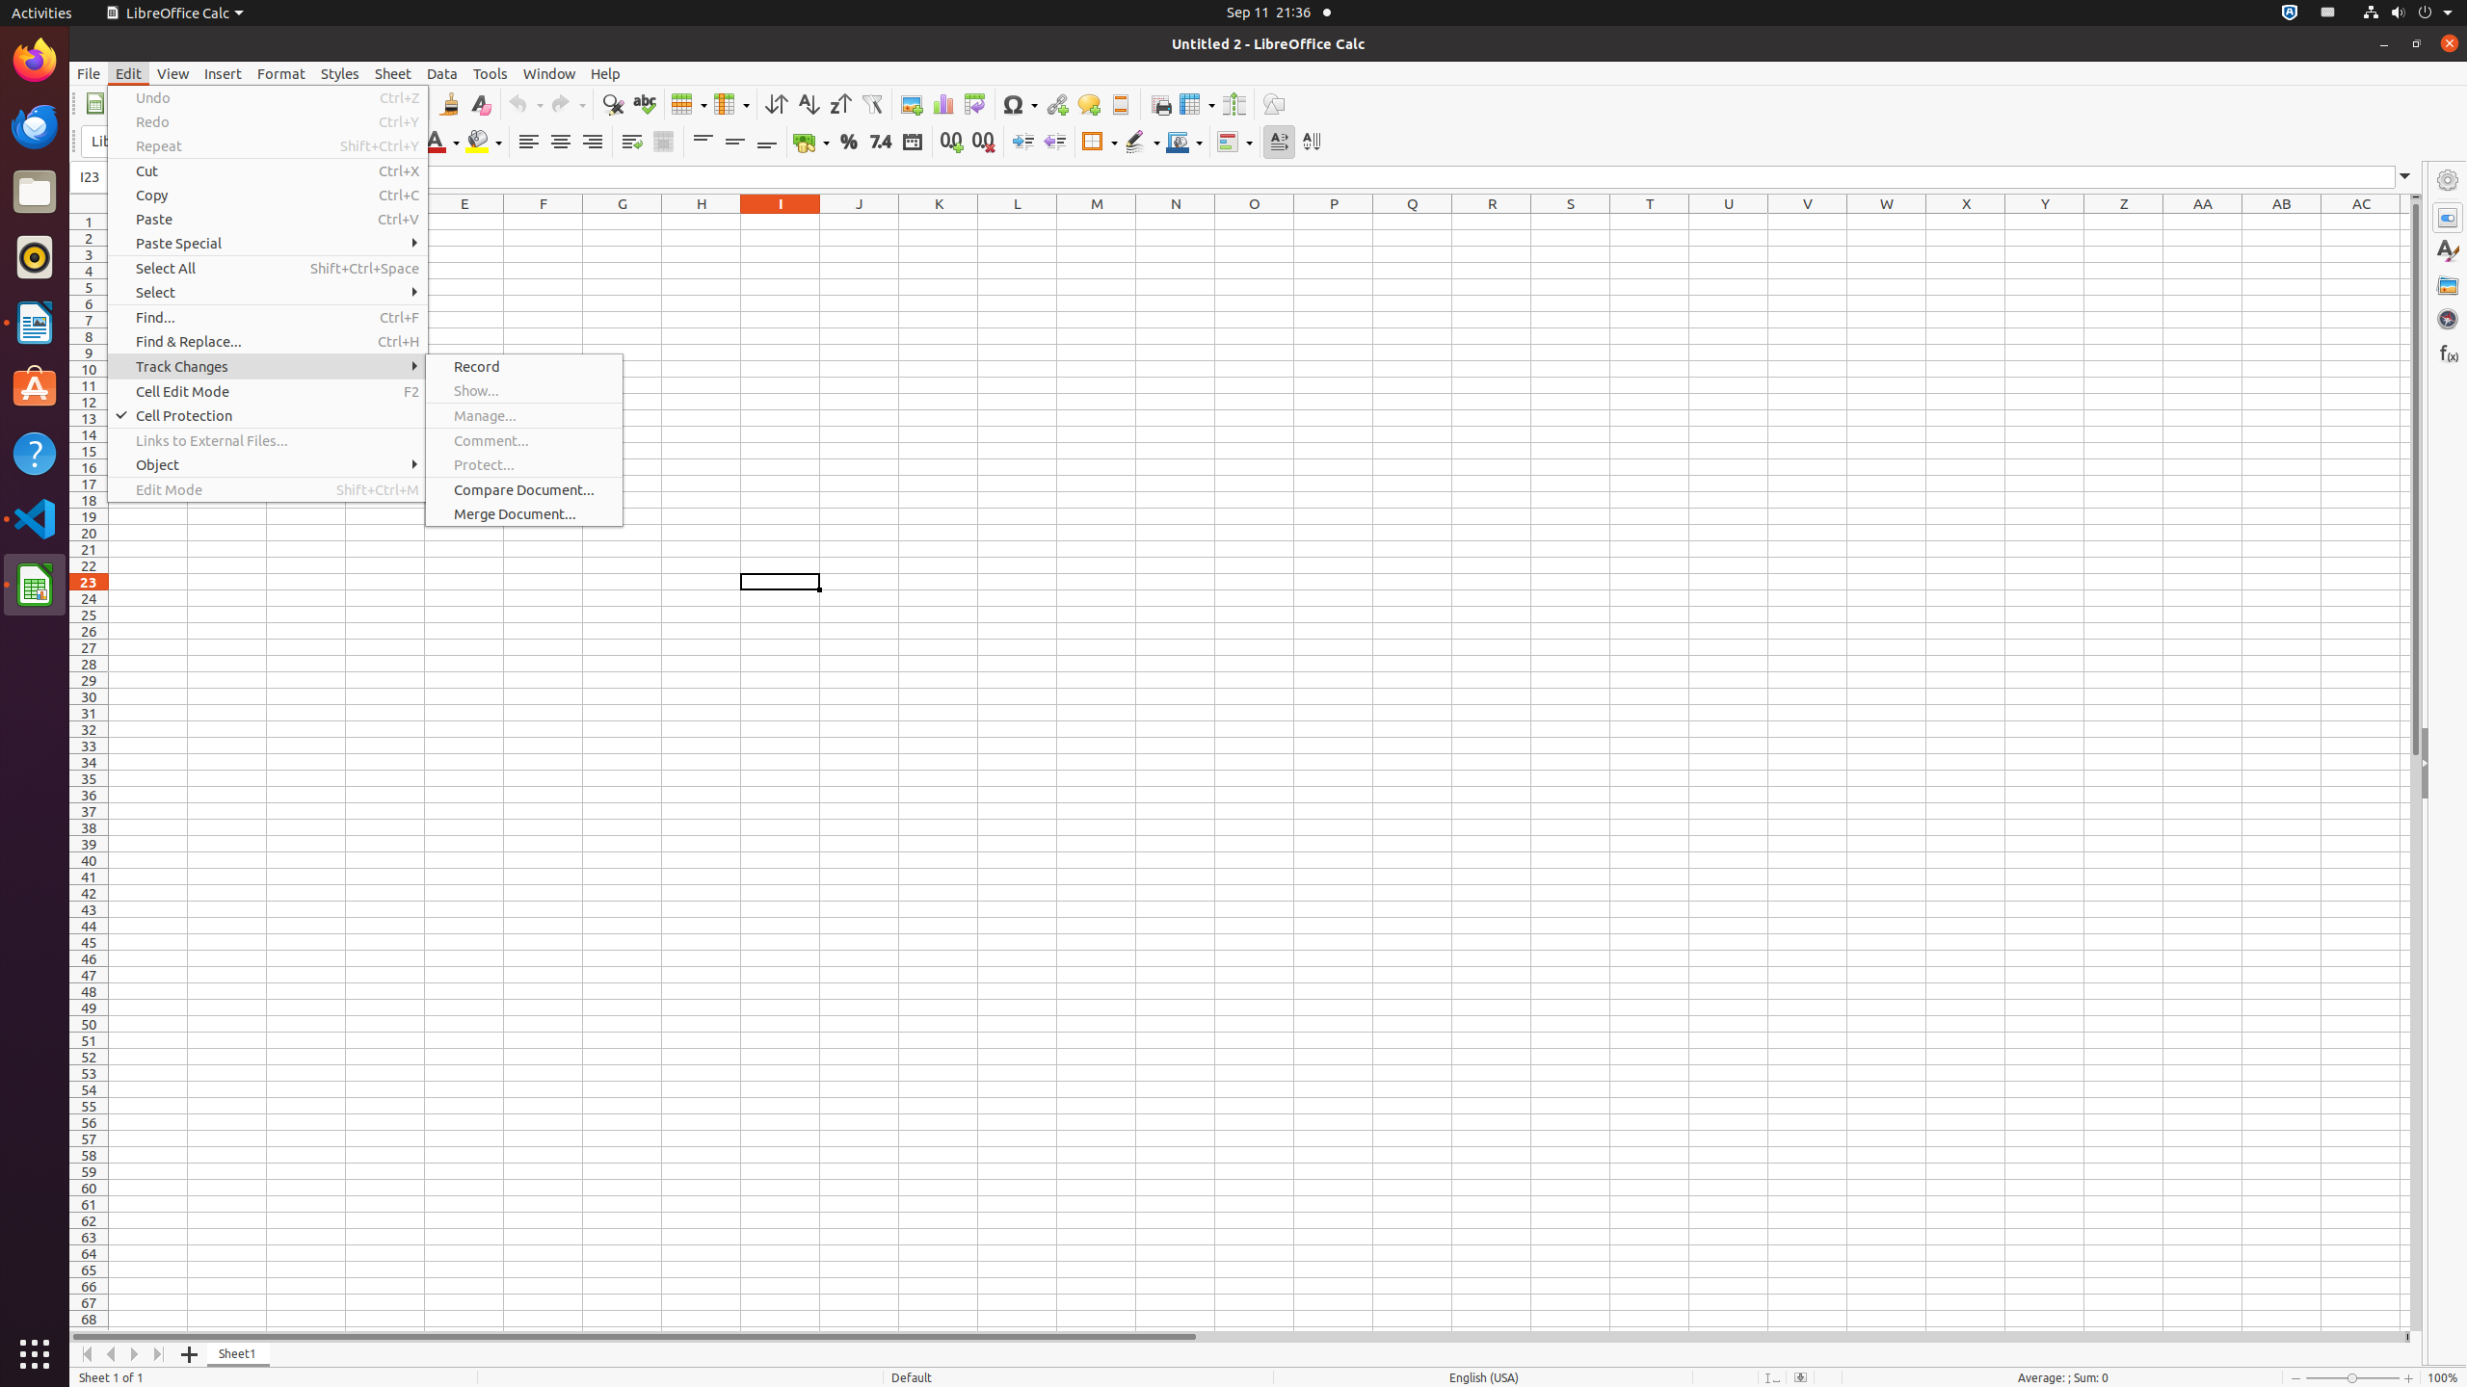 The height and width of the screenshot is (1387, 2467). I want to click on 'AutoFilter', so click(871, 103).